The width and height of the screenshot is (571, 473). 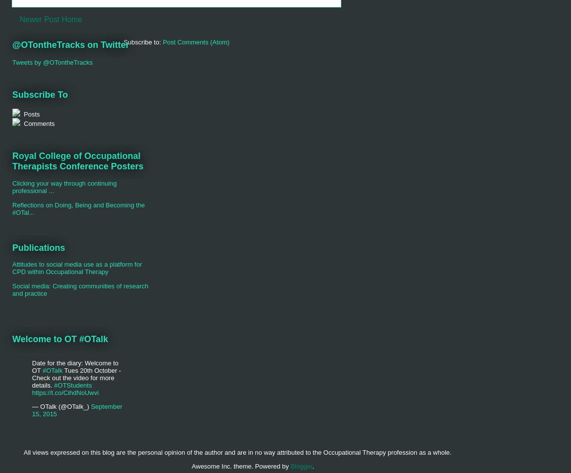 What do you see at coordinates (64, 186) in the screenshot?
I see `'Clicking your way through continuing professional ...'` at bounding box center [64, 186].